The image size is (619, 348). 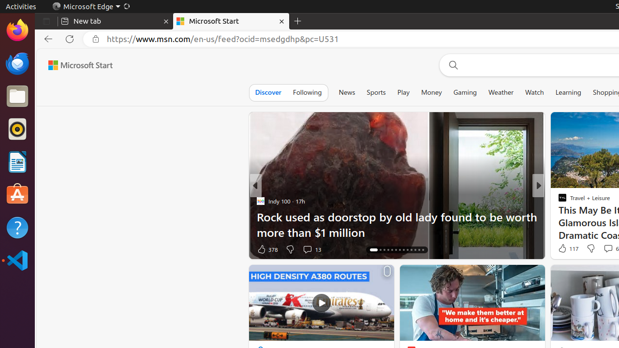 I want to click on '4 Like', so click(x=561, y=248).